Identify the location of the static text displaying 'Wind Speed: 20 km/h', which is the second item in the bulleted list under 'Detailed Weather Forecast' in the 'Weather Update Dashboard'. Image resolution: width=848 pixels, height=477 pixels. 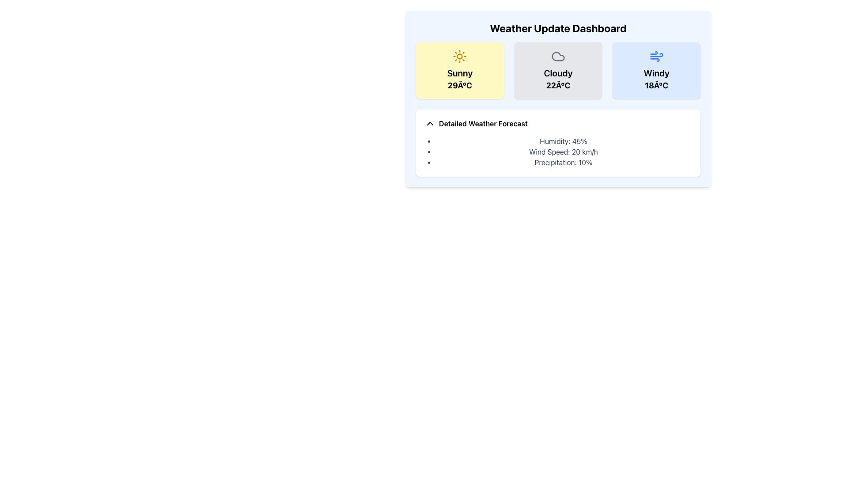
(563, 151).